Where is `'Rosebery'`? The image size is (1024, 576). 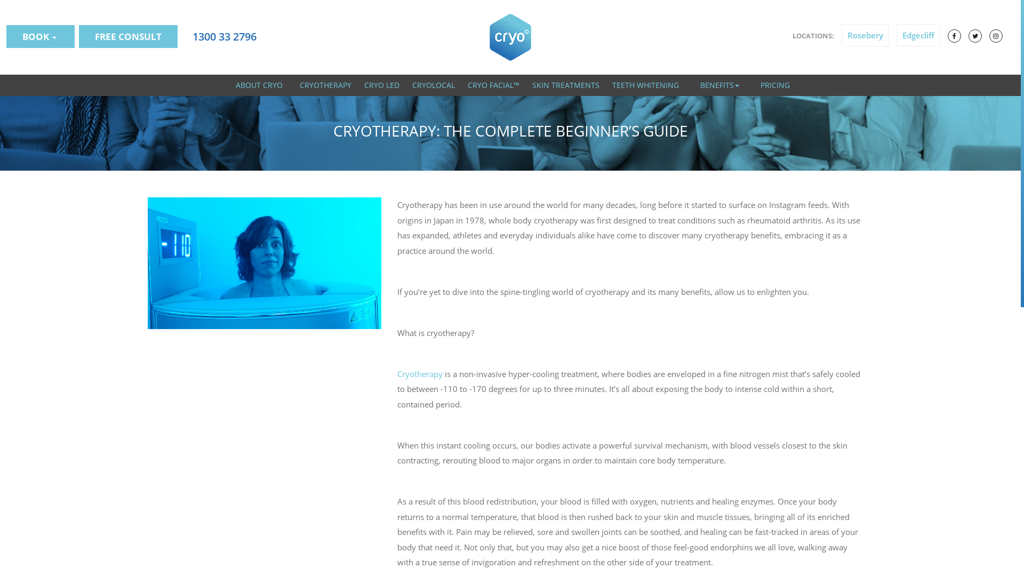
'Rosebery' is located at coordinates (865, 34).